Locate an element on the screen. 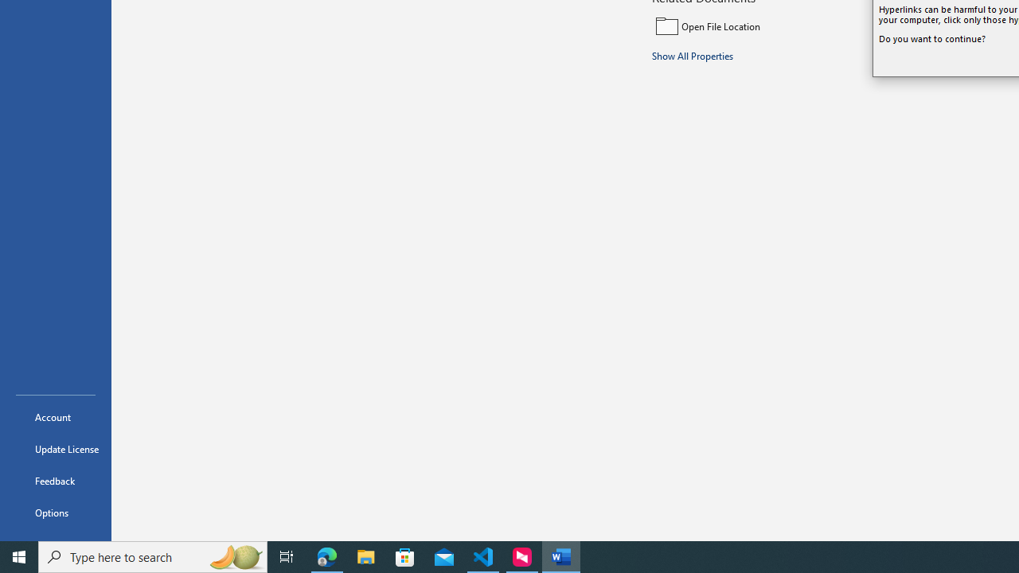  'File Explorer' is located at coordinates (365, 555).